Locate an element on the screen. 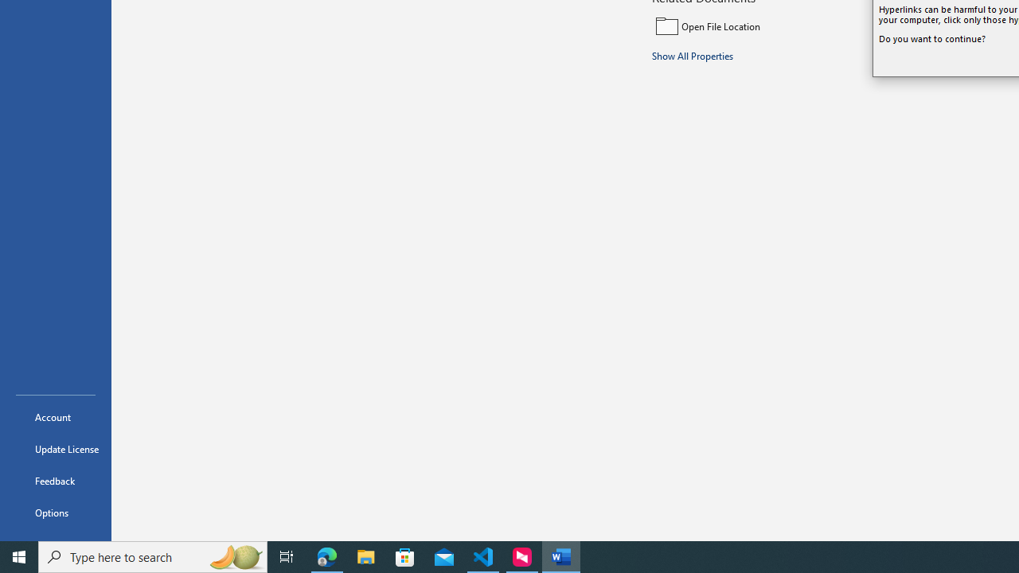  'File Explorer' is located at coordinates (365, 555).